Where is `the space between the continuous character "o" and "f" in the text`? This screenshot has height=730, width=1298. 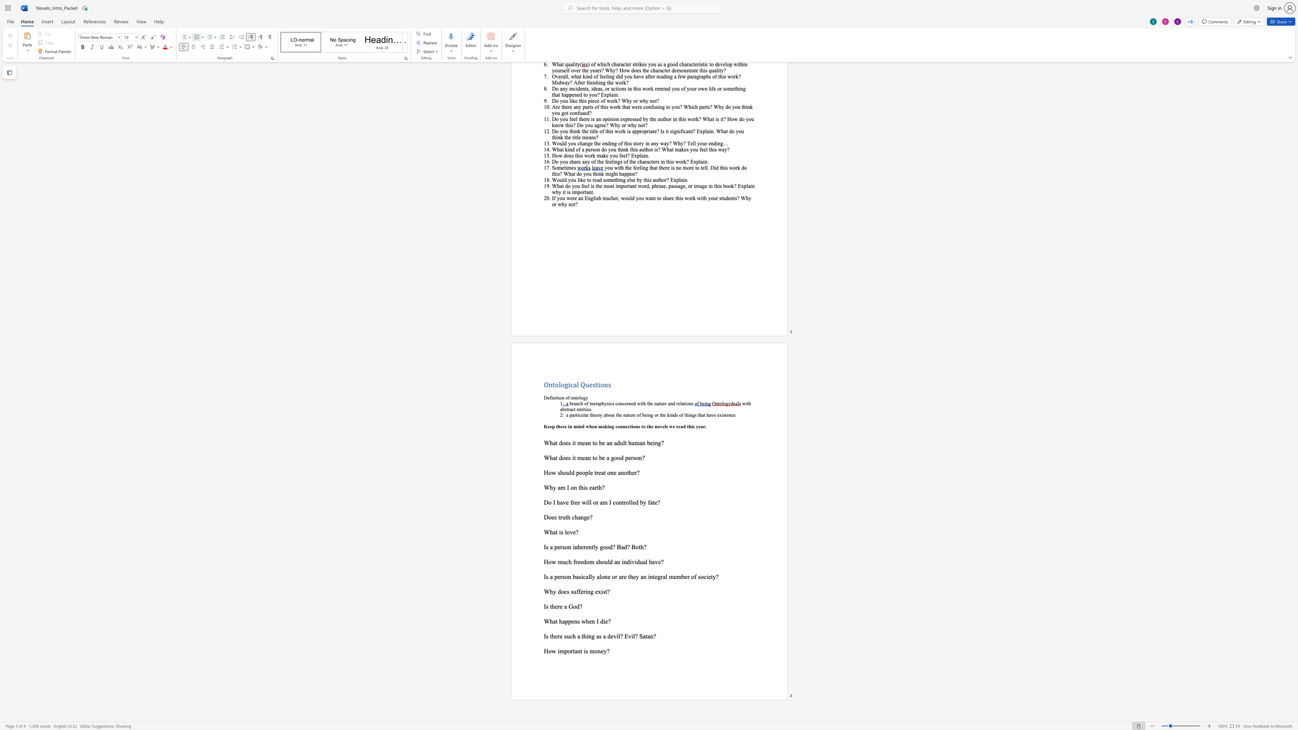 the space between the continuous character "o" and "f" in the text is located at coordinates (567, 397).